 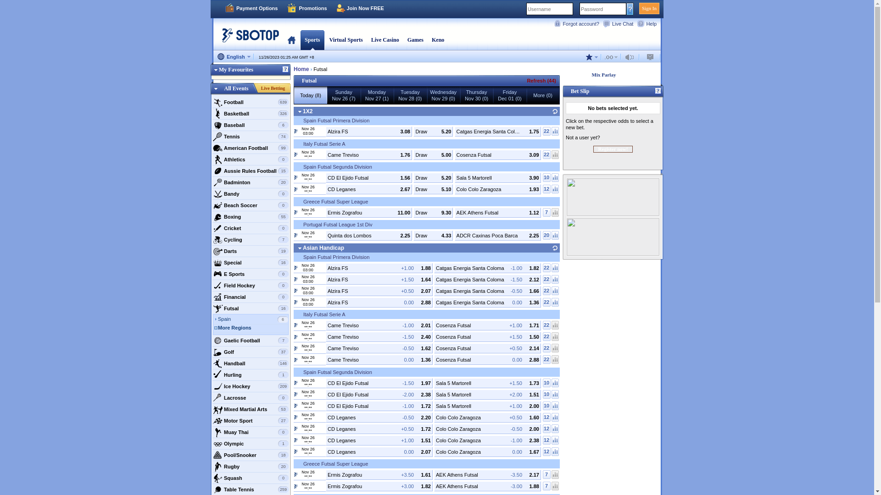 What do you see at coordinates (613, 74) in the screenshot?
I see `'Mix Parlay` at bounding box center [613, 74].